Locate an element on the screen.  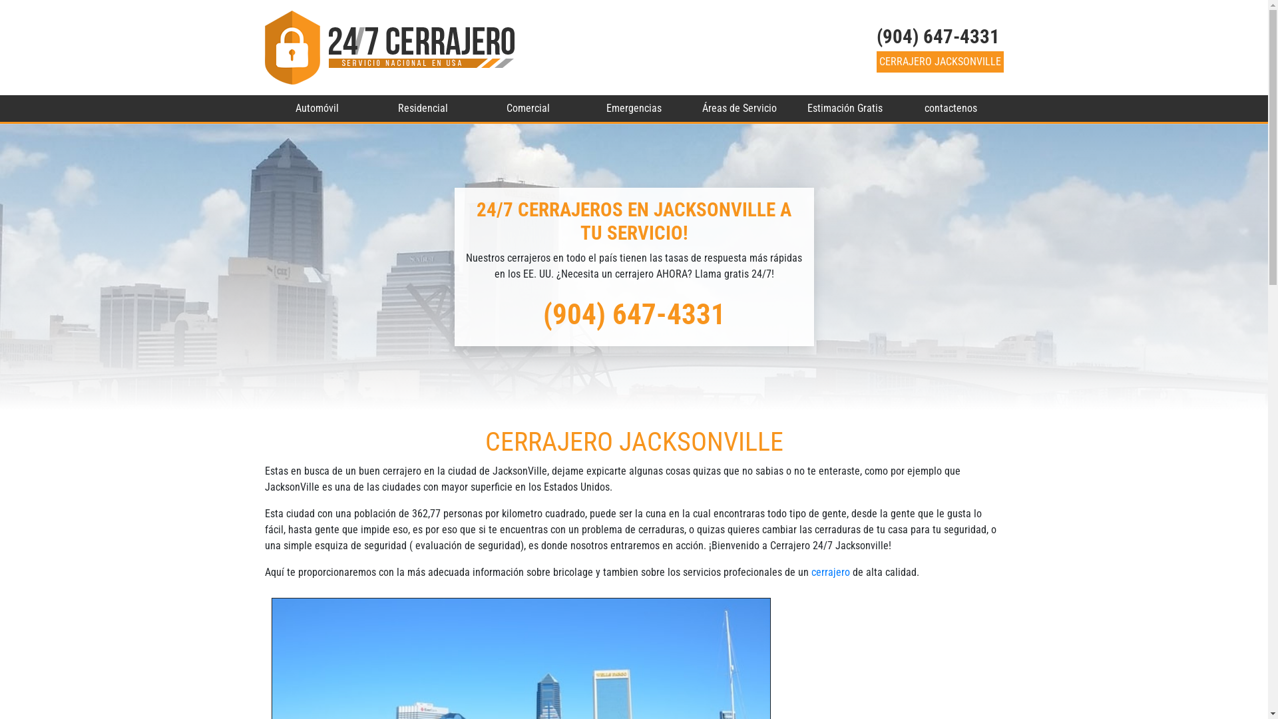
'contactenos' is located at coordinates (897, 107).